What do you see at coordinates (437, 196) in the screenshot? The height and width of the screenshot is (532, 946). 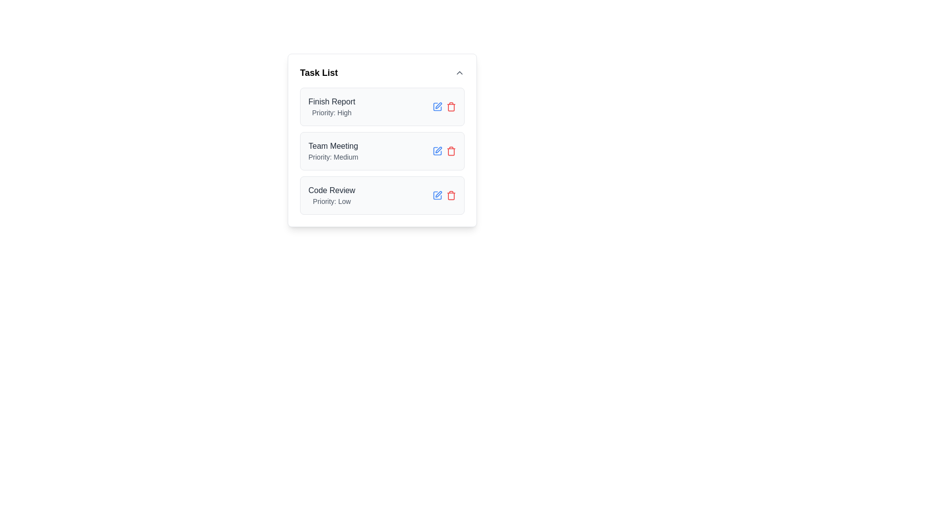 I see `the graphical component representing the outline of the pencil-and-frame icon located near the right side of the 'Code Review' task entry in the task list` at bounding box center [437, 196].